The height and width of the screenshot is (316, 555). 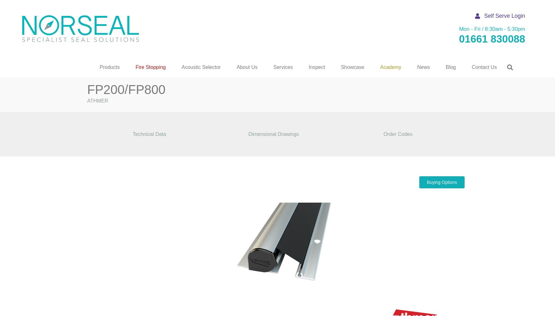 I want to click on 'Grilles & Covers', so click(x=63, y=194).